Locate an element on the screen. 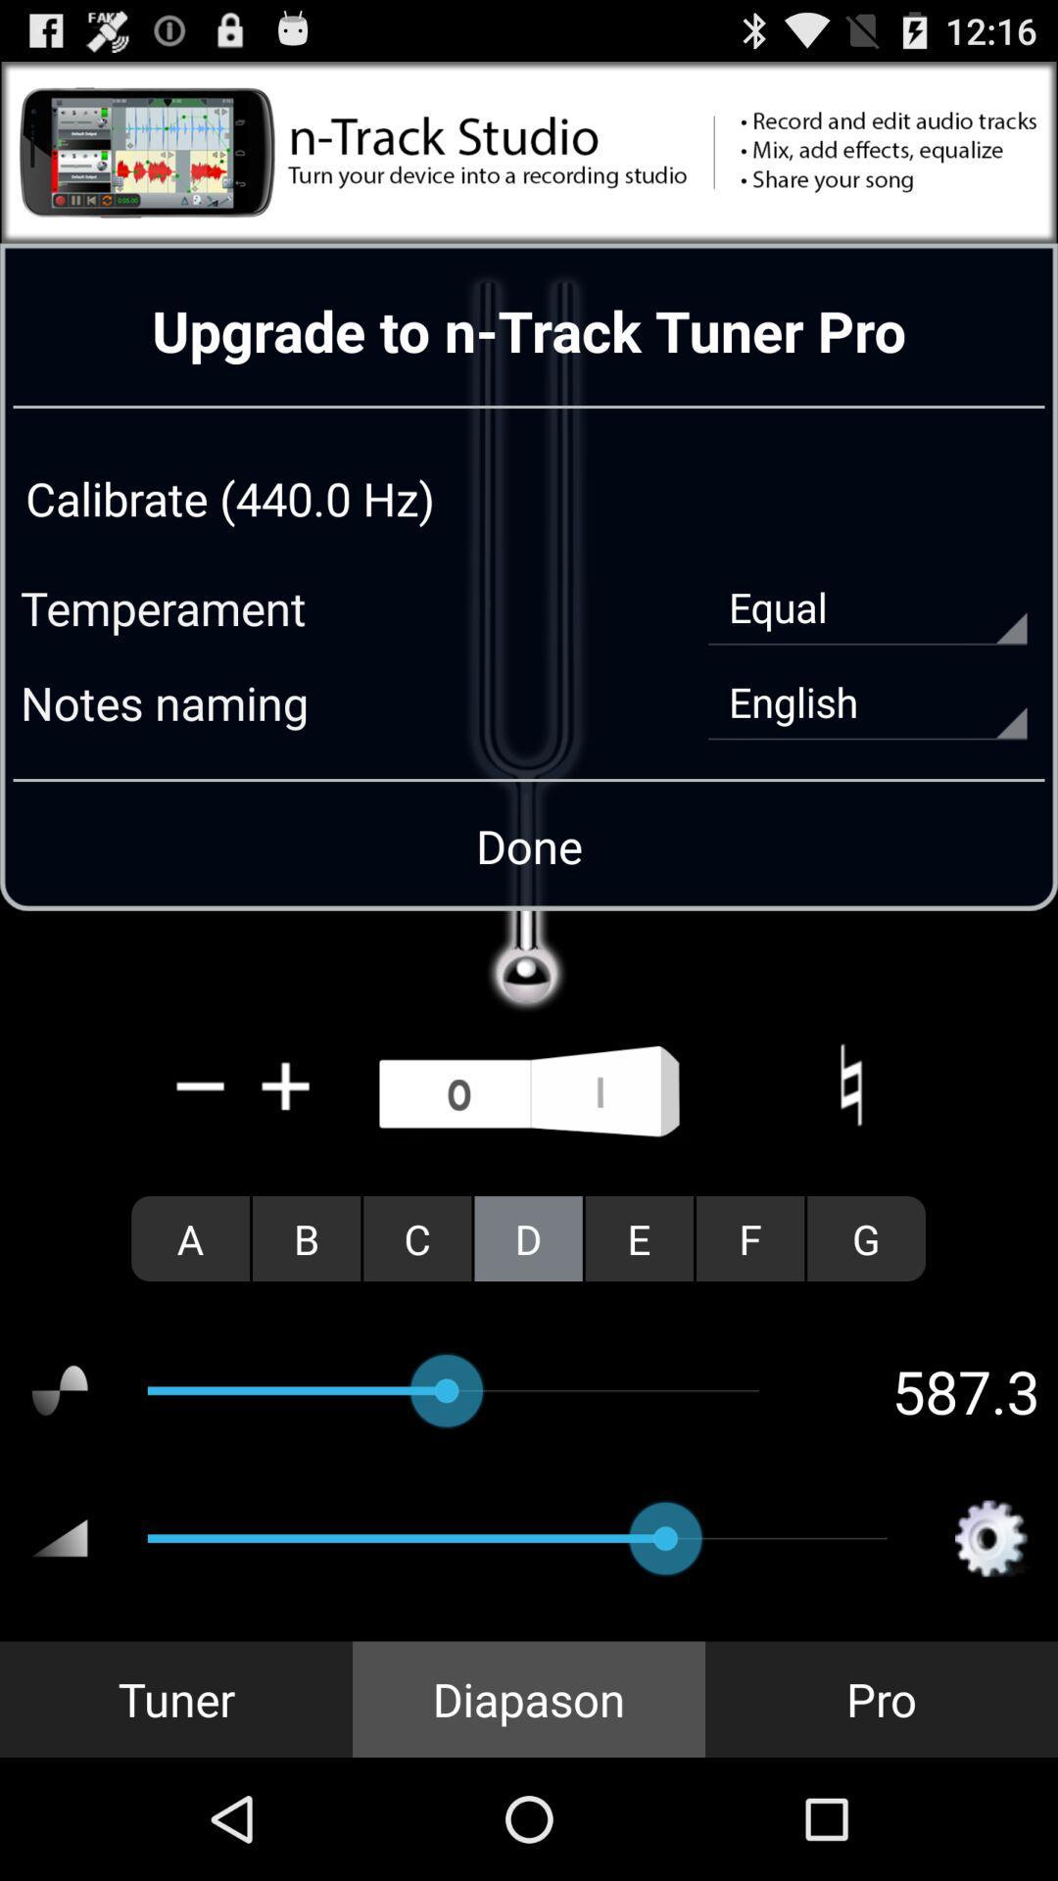 This screenshot has width=1058, height=1881. the settings icon is located at coordinates (993, 1646).